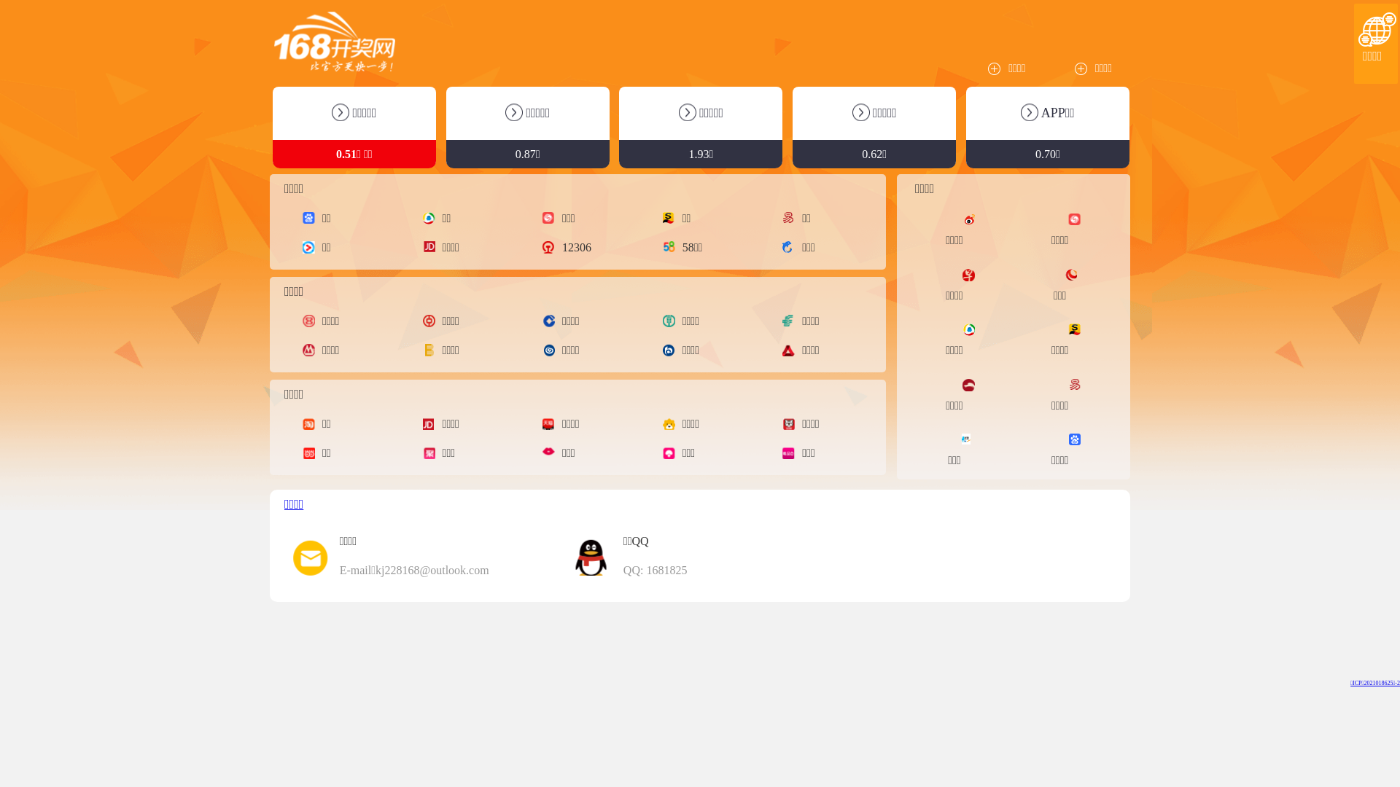 The height and width of the screenshot is (787, 1400). Describe the element at coordinates (569, 246) in the screenshot. I see `'12306'` at that location.